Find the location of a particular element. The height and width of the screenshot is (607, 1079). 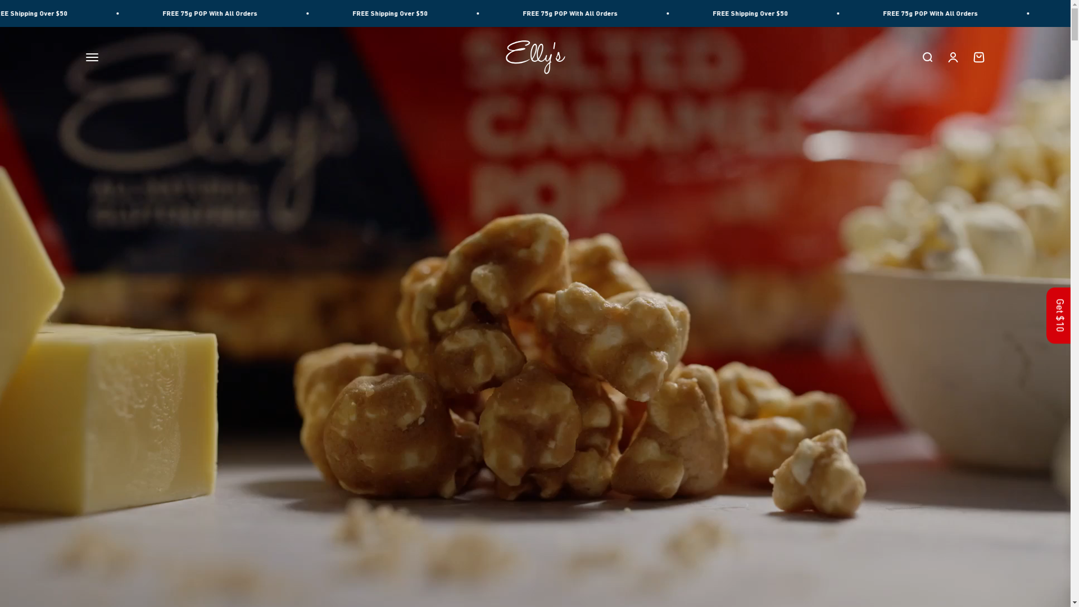

'Open account page' is located at coordinates (951, 57).